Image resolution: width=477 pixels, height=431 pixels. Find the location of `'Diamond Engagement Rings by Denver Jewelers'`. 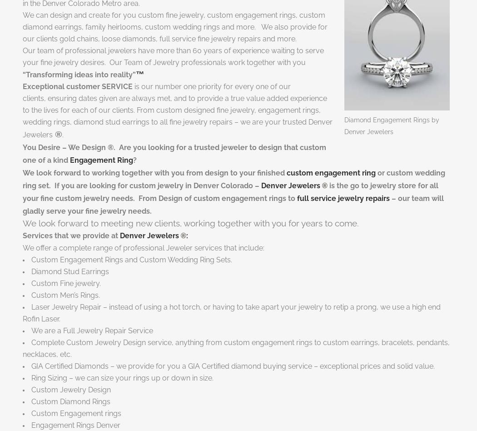

'Diamond Engagement Rings by Denver Jewelers' is located at coordinates (392, 125).